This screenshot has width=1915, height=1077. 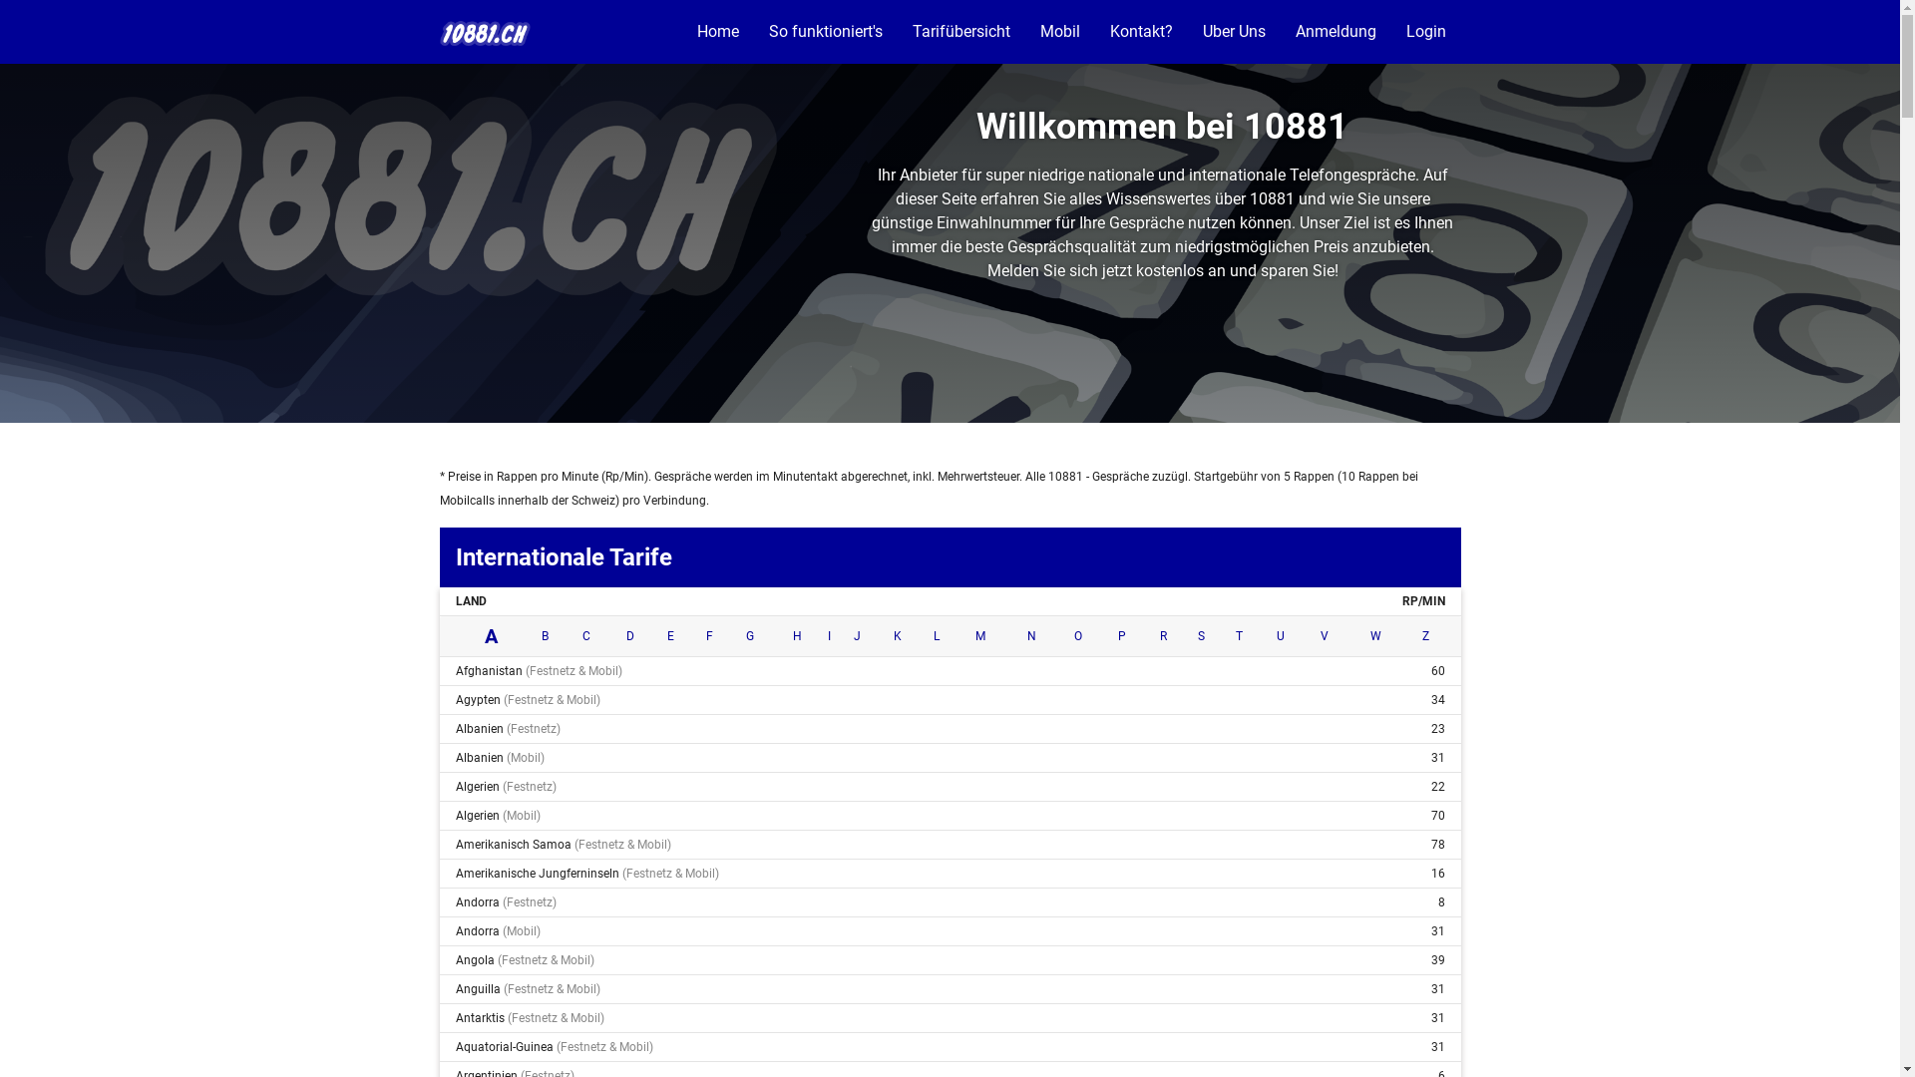 I want to click on 'Kontakt?', so click(x=1141, y=31).